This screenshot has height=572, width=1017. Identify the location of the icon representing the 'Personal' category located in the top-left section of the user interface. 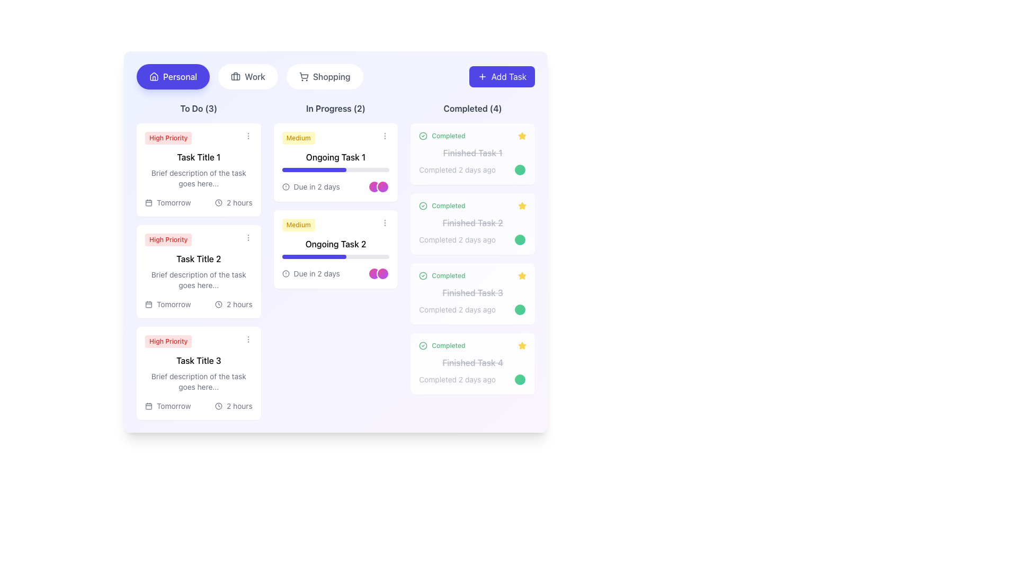
(154, 76).